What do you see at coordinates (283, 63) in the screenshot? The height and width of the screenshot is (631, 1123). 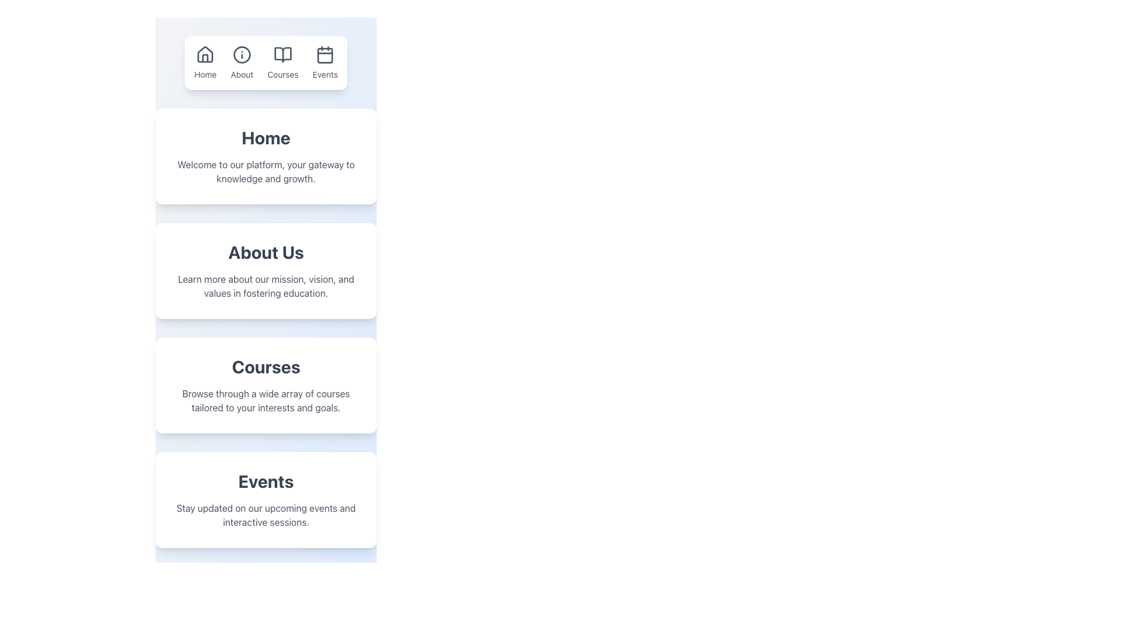 I see `the 'Courses' navigation link located in the top navigation bar` at bounding box center [283, 63].